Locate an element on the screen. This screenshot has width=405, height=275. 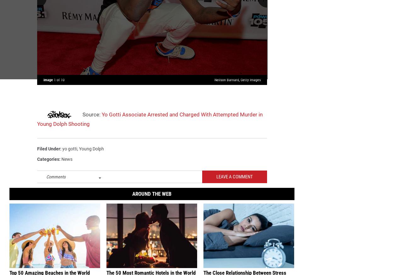
'Source:' is located at coordinates (81, 117).